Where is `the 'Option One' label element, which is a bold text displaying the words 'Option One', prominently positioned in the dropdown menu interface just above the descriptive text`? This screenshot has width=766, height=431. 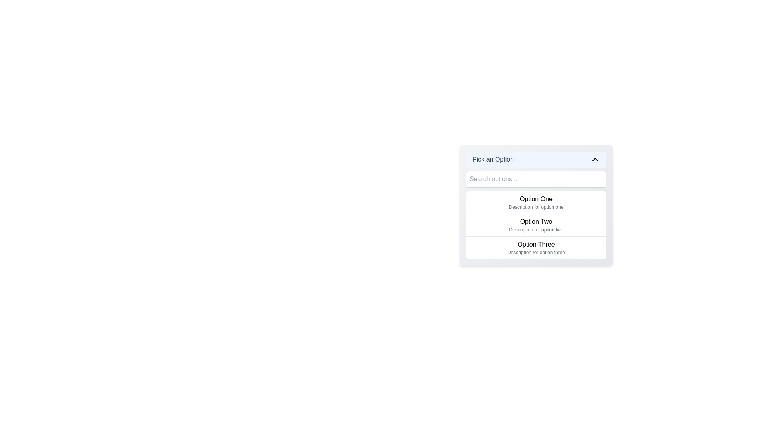 the 'Option One' label element, which is a bold text displaying the words 'Option One', prominently positioned in the dropdown menu interface just above the descriptive text is located at coordinates (536, 198).